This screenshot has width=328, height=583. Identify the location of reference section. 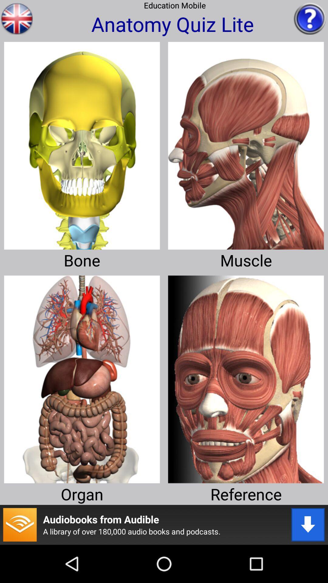
(246, 377).